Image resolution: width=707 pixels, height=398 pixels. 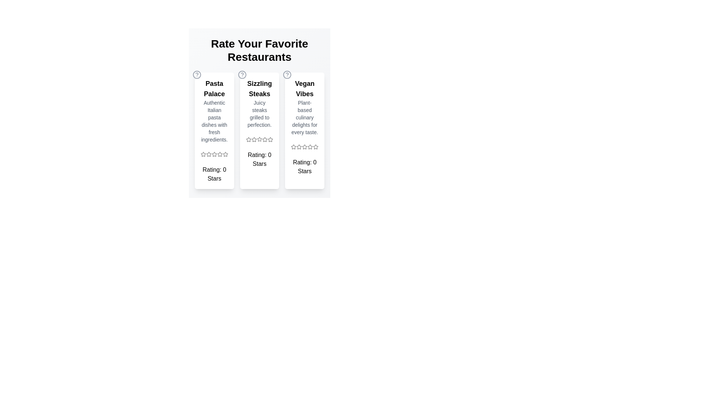 What do you see at coordinates (214, 130) in the screenshot?
I see `the restaurant card for Pasta Palace to read its description` at bounding box center [214, 130].